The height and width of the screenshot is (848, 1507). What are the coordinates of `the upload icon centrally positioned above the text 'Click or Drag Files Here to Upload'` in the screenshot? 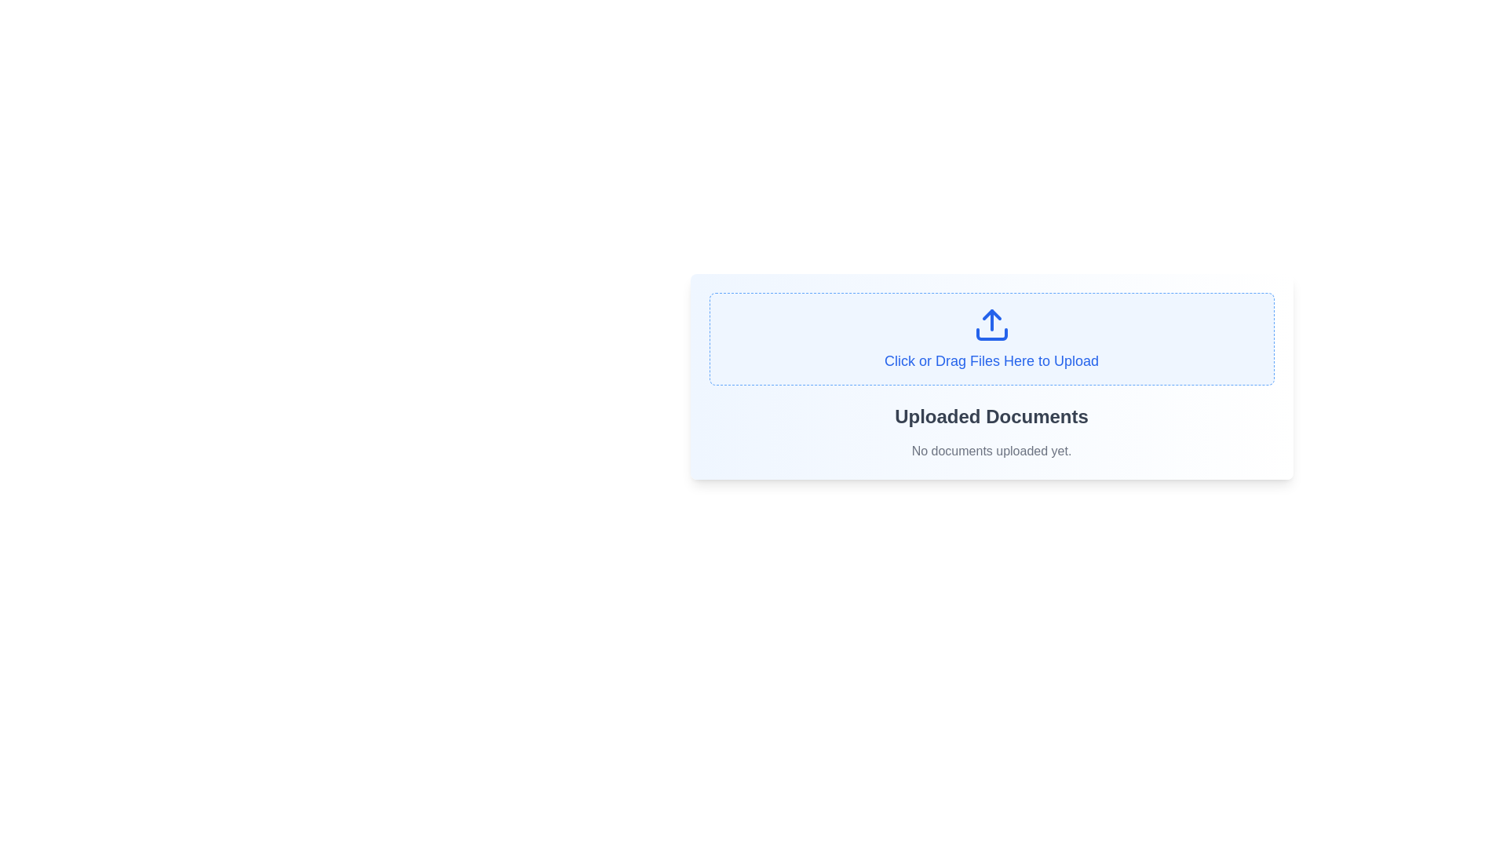 It's located at (991, 323).